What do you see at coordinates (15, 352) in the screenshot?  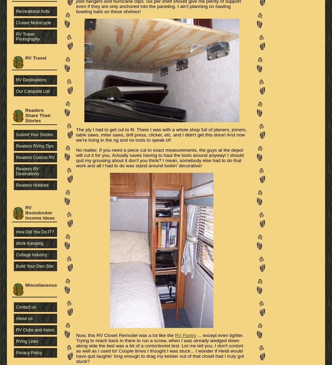 I see `'Privacy Policy'` at bounding box center [15, 352].